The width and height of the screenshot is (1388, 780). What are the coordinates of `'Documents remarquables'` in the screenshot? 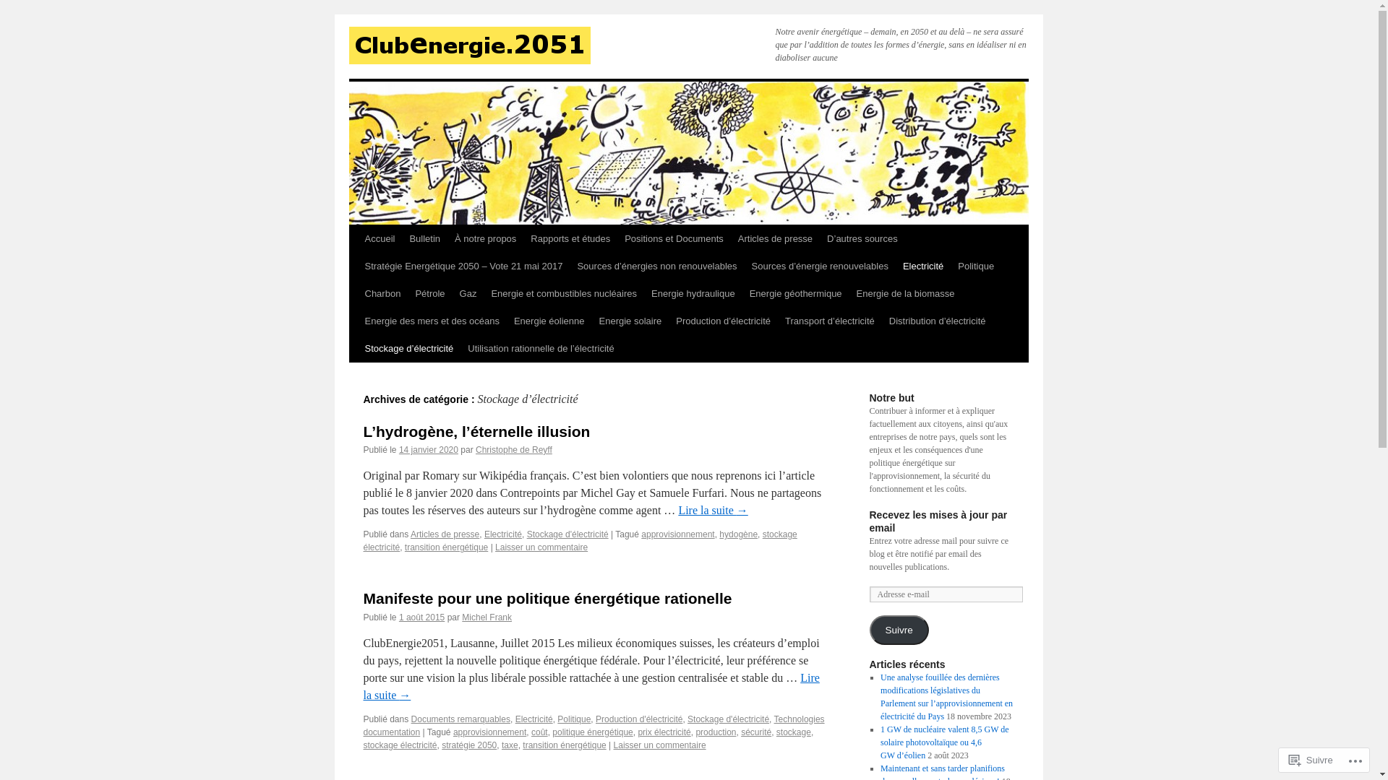 It's located at (460, 719).